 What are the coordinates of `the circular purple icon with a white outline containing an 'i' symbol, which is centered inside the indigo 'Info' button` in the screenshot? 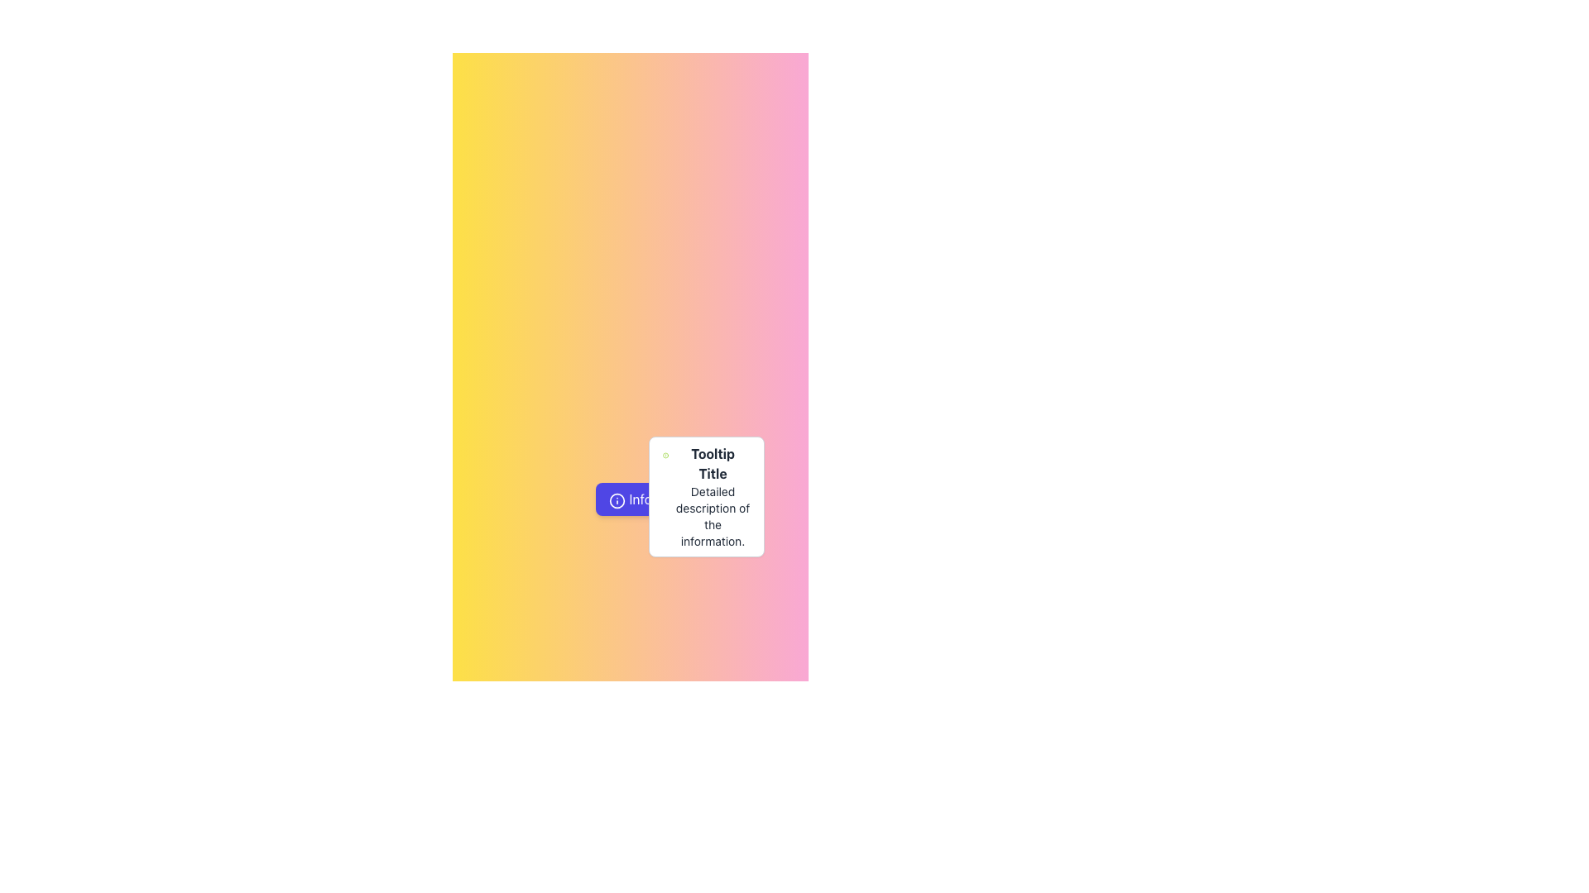 It's located at (617, 499).